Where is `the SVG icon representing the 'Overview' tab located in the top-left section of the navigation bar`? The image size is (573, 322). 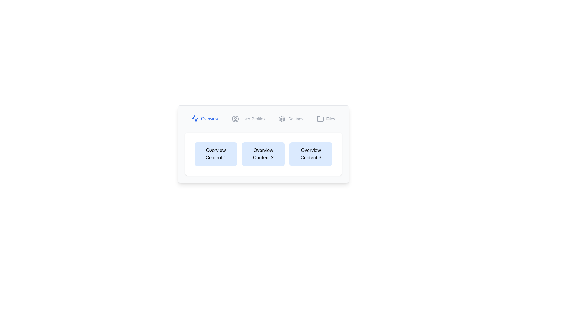
the SVG icon representing the 'Overview' tab located in the top-left section of the navigation bar is located at coordinates (195, 118).